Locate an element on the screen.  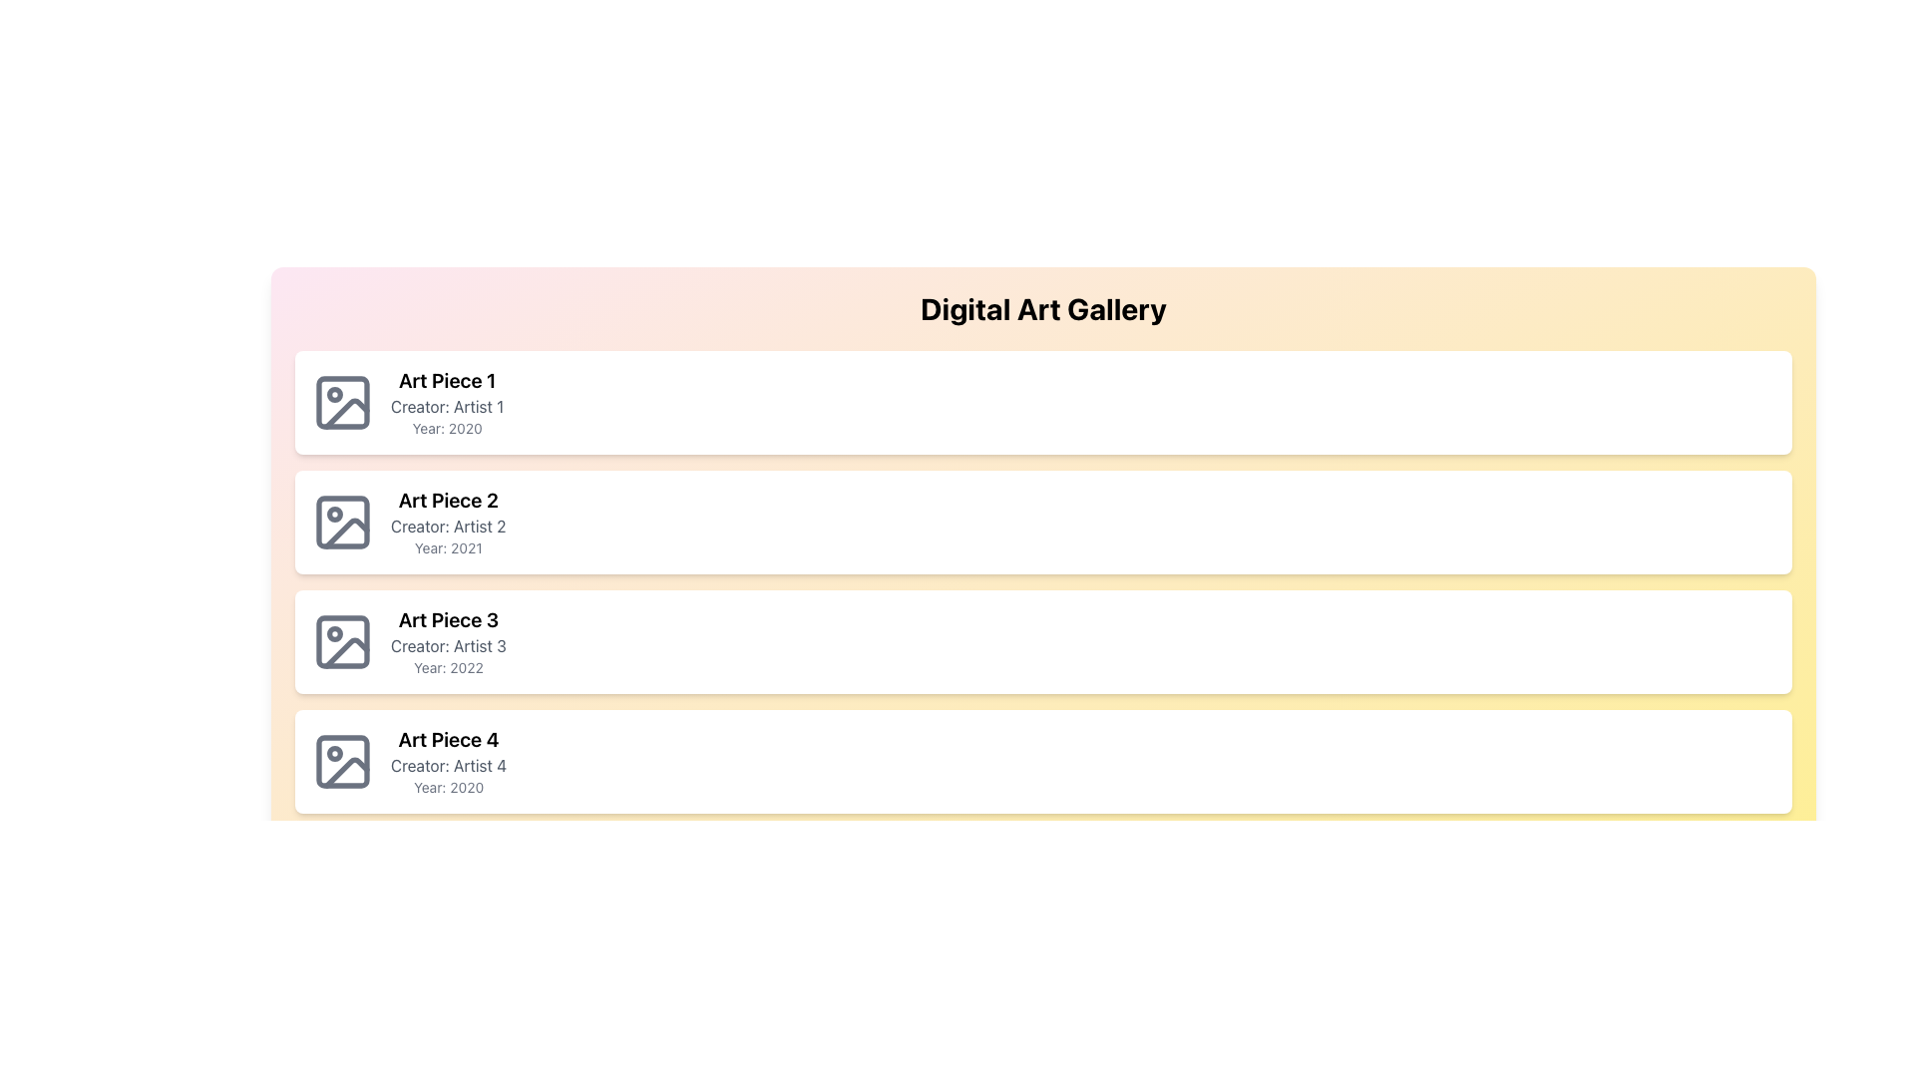
the circular graphic decoration or status indicator located in the image icon of 'Art Piece 2' in the second row of the gallery layout is located at coordinates (335, 513).